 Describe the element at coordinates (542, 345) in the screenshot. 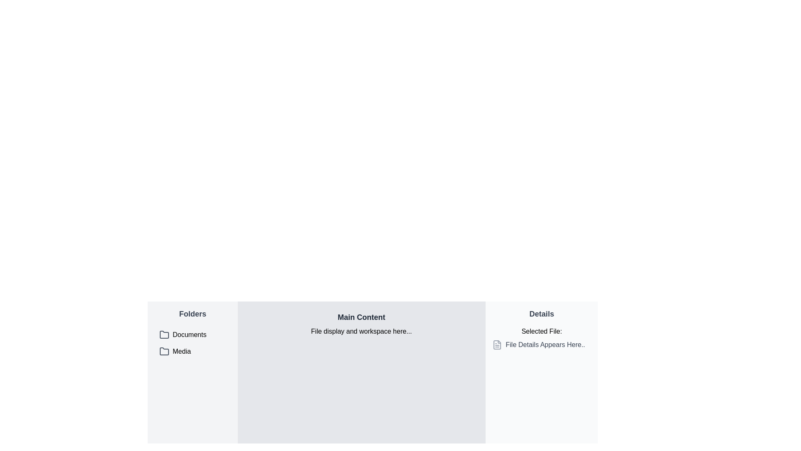

I see `the composite element that displays file details, located in the 'Details' section, directly below the 'Selected File:' title` at that location.